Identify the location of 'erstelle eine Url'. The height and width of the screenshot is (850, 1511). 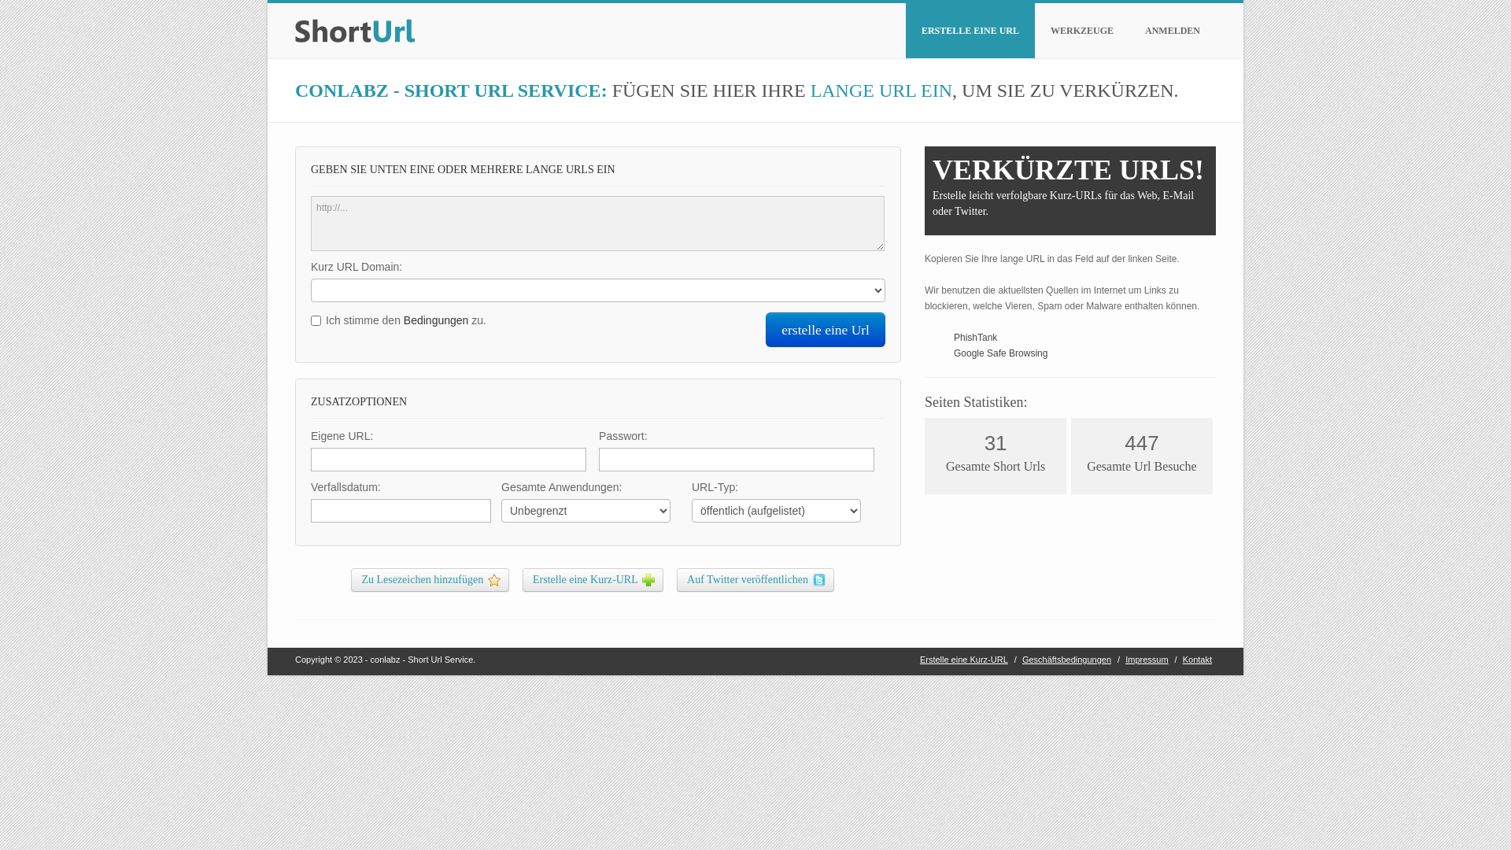
(825, 329).